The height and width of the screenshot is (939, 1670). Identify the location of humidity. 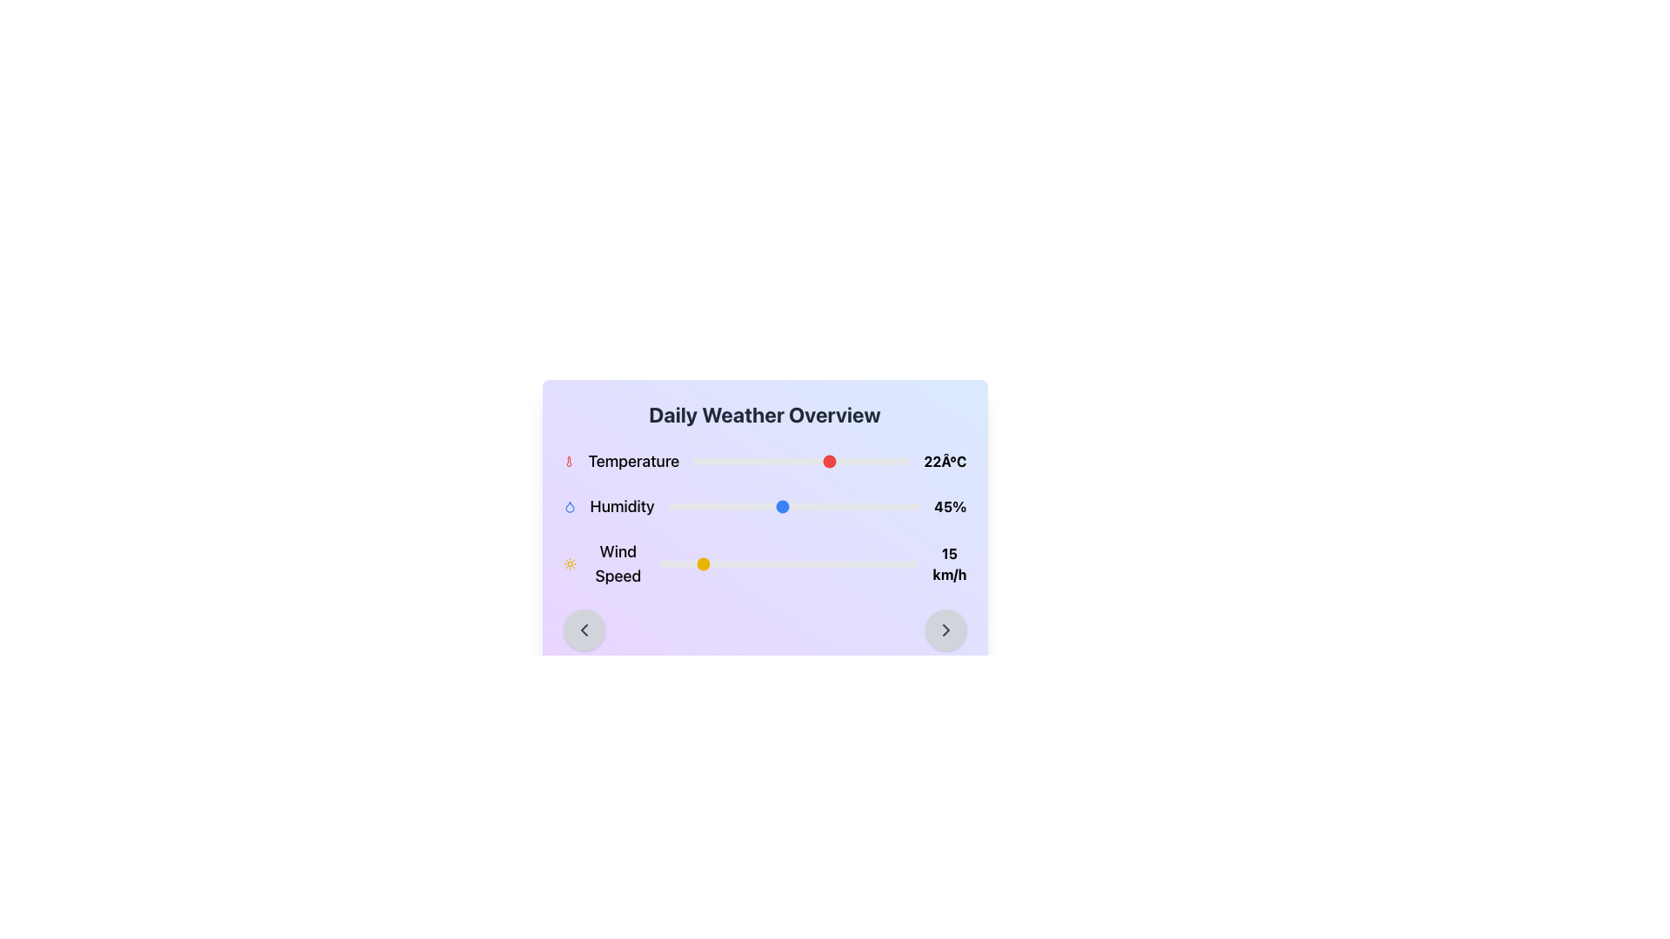
(721, 506).